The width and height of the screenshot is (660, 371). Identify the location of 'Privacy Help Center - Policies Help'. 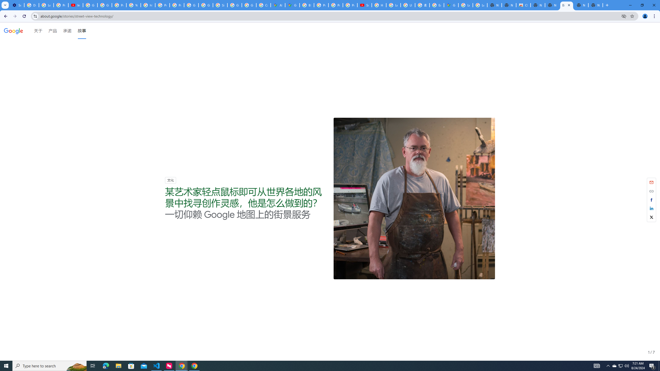
(335, 5).